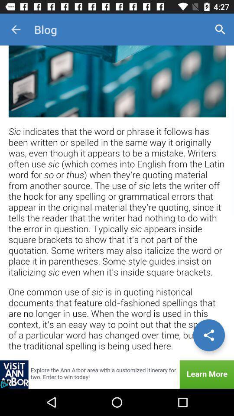 The width and height of the screenshot is (234, 416). Describe the element at coordinates (117, 203) in the screenshot. I see `shows the en` at that location.